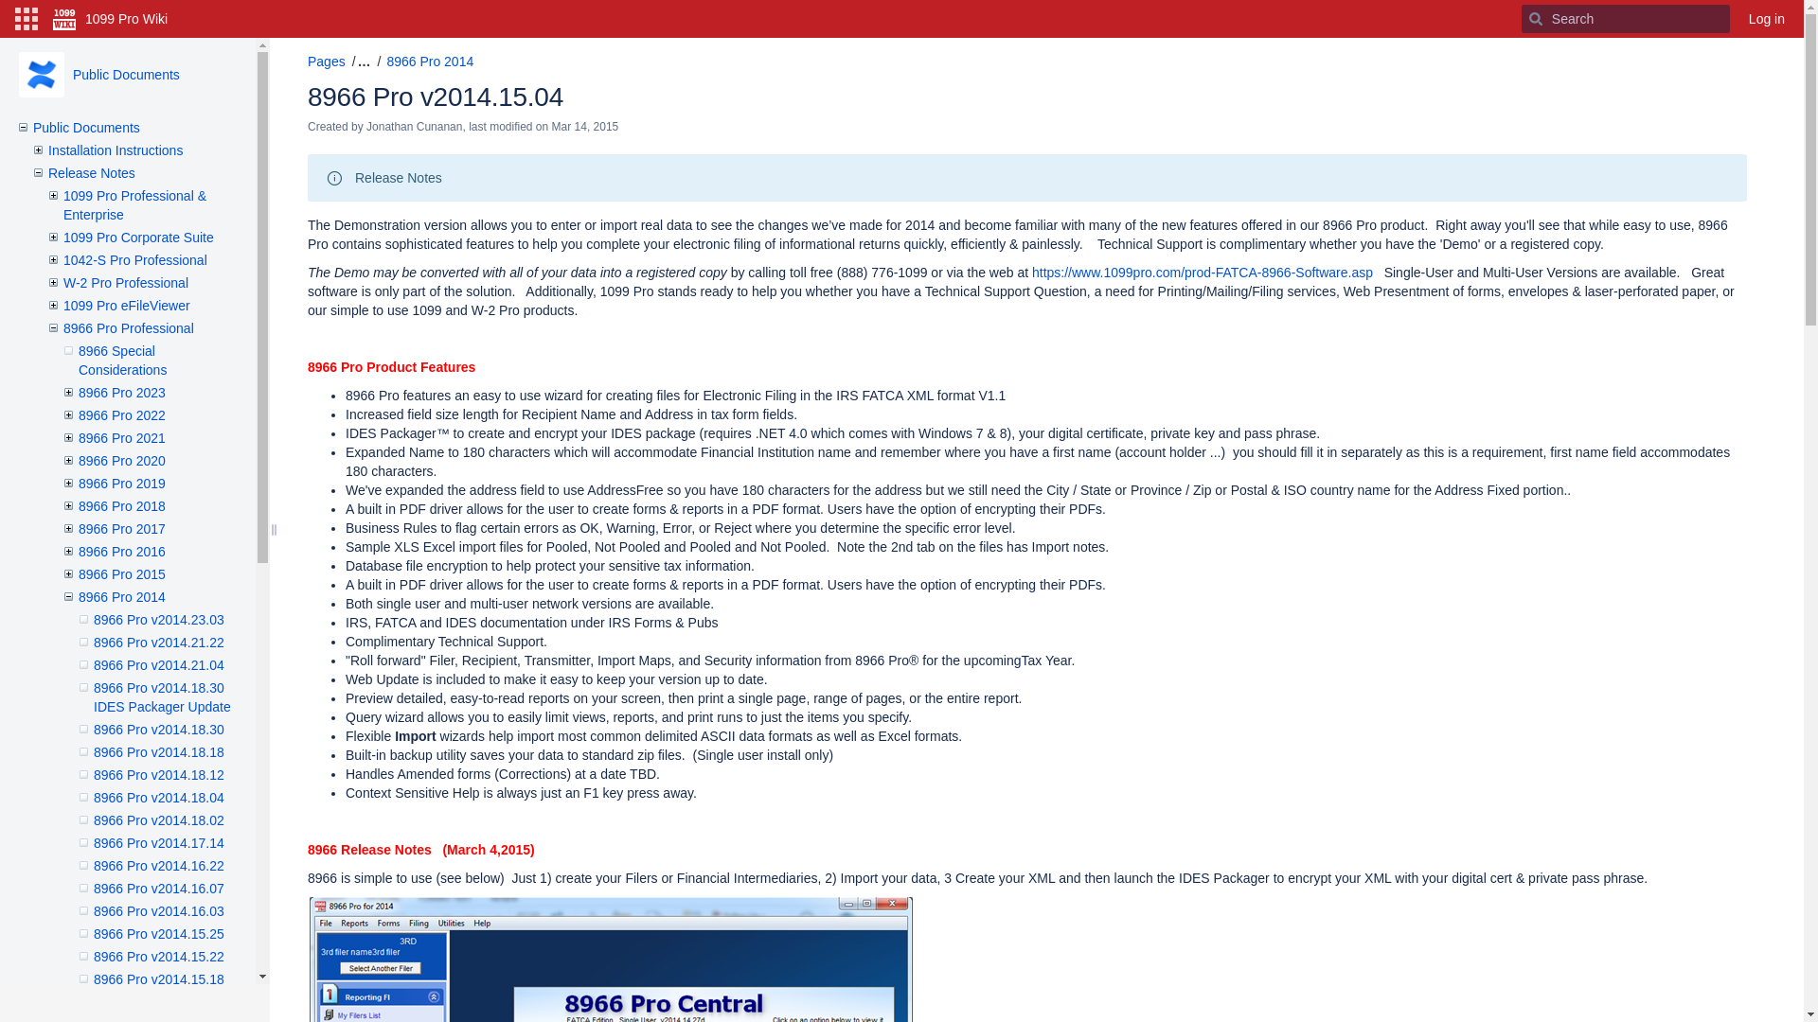  Describe the element at coordinates (435, 97) in the screenshot. I see `'8966 Pro v2014.15.04'` at that location.